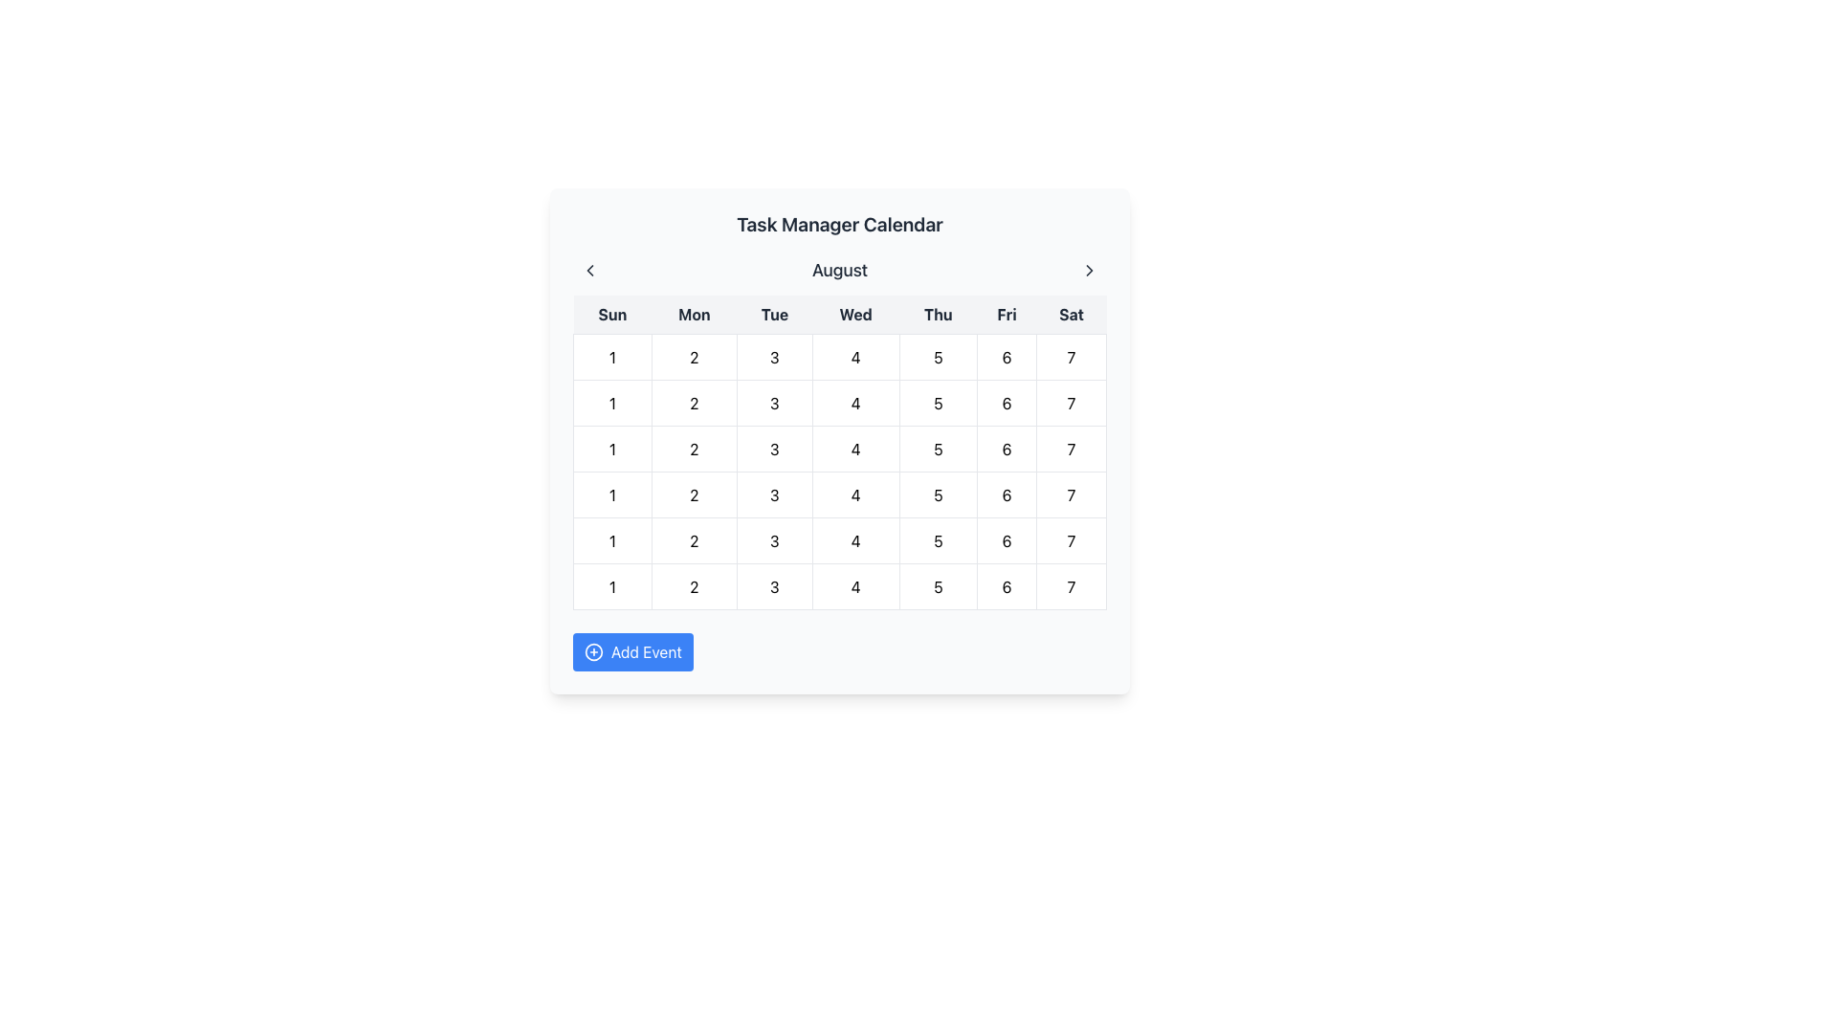 The width and height of the screenshot is (1837, 1033). What do you see at coordinates (1006, 540) in the screenshot?
I see `the calendar grid cell representing Friday the 6th` at bounding box center [1006, 540].